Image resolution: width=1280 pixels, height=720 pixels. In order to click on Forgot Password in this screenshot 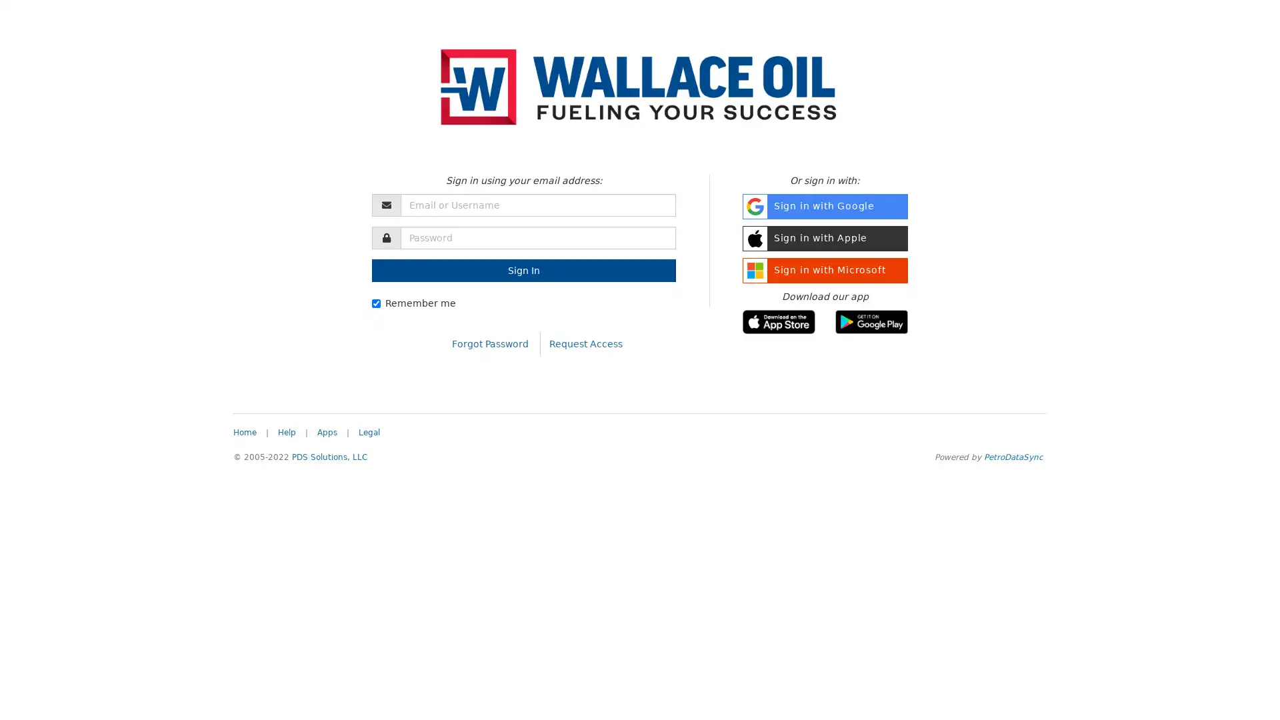, I will do `click(489, 343)`.